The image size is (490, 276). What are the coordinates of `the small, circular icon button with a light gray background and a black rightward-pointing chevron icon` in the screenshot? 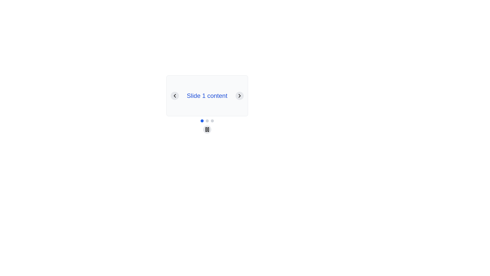 It's located at (239, 96).